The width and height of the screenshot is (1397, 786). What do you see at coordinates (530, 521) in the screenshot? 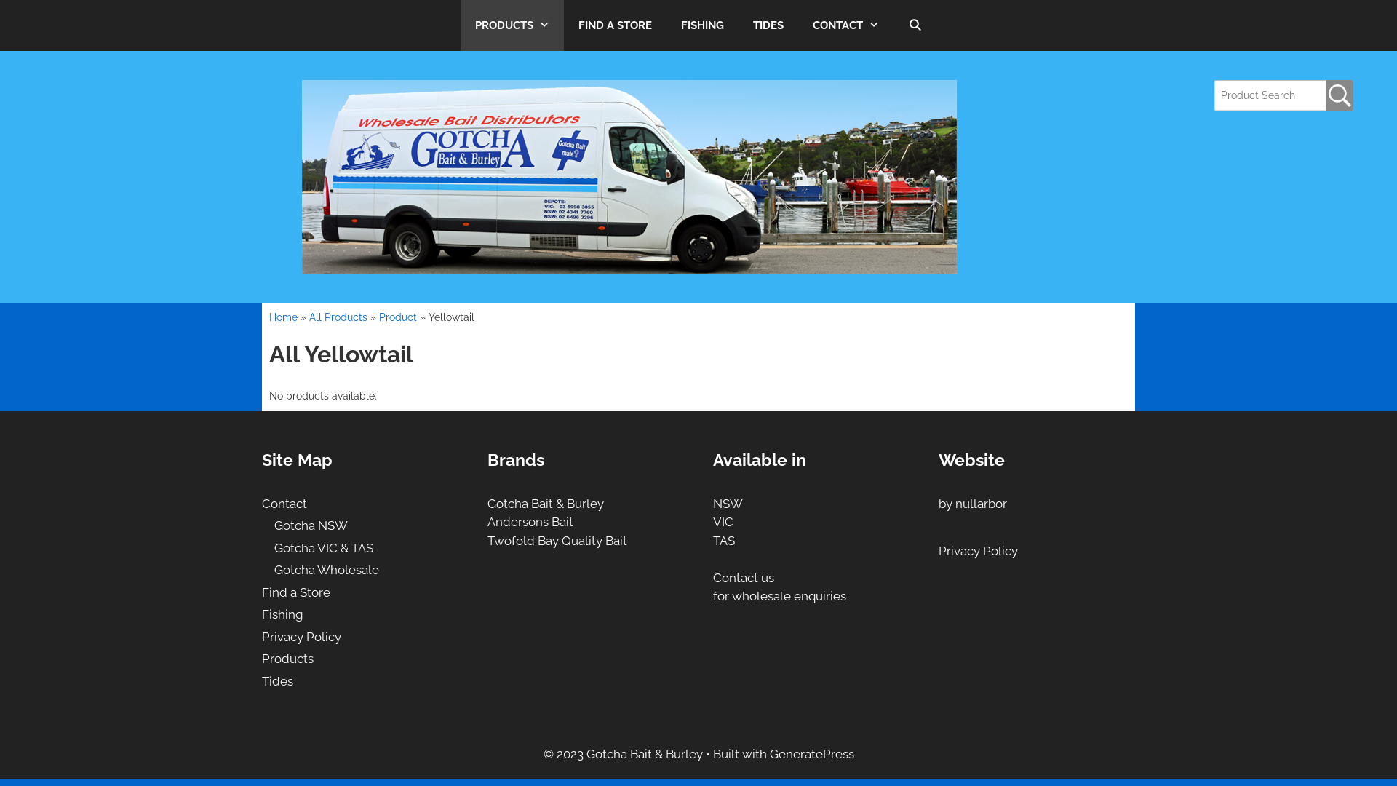
I see `'Andersons Bait'` at bounding box center [530, 521].